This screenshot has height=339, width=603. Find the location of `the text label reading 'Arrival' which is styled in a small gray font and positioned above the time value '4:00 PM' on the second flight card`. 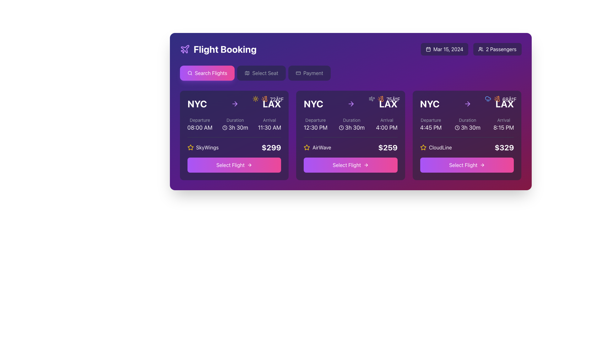

the text label reading 'Arrival' which is styled in a small gray font and positioned above the time value '4:00 PM' on the second flight card is located at coordinates (386, 120).